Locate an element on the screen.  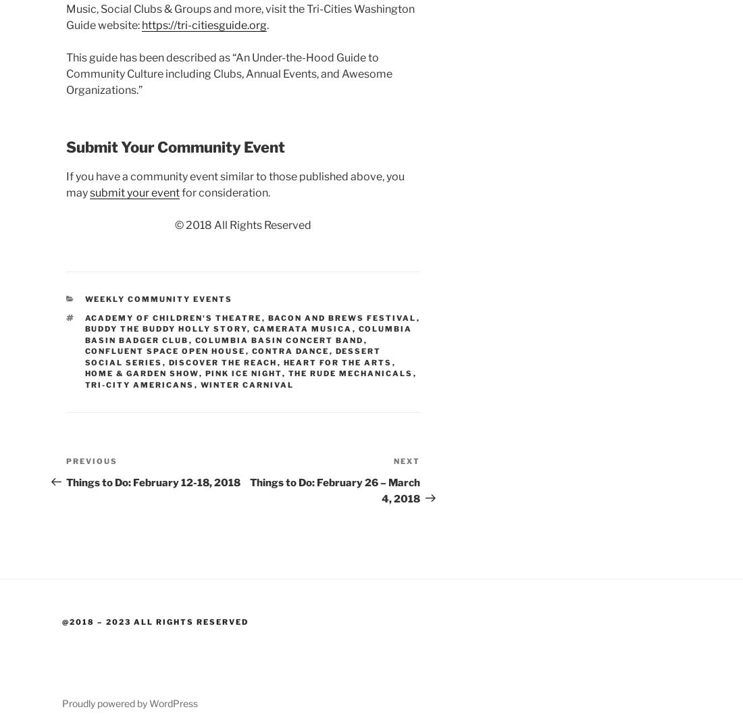
'https://tri-citiesguide.org' is located at coordinates (203, 24).